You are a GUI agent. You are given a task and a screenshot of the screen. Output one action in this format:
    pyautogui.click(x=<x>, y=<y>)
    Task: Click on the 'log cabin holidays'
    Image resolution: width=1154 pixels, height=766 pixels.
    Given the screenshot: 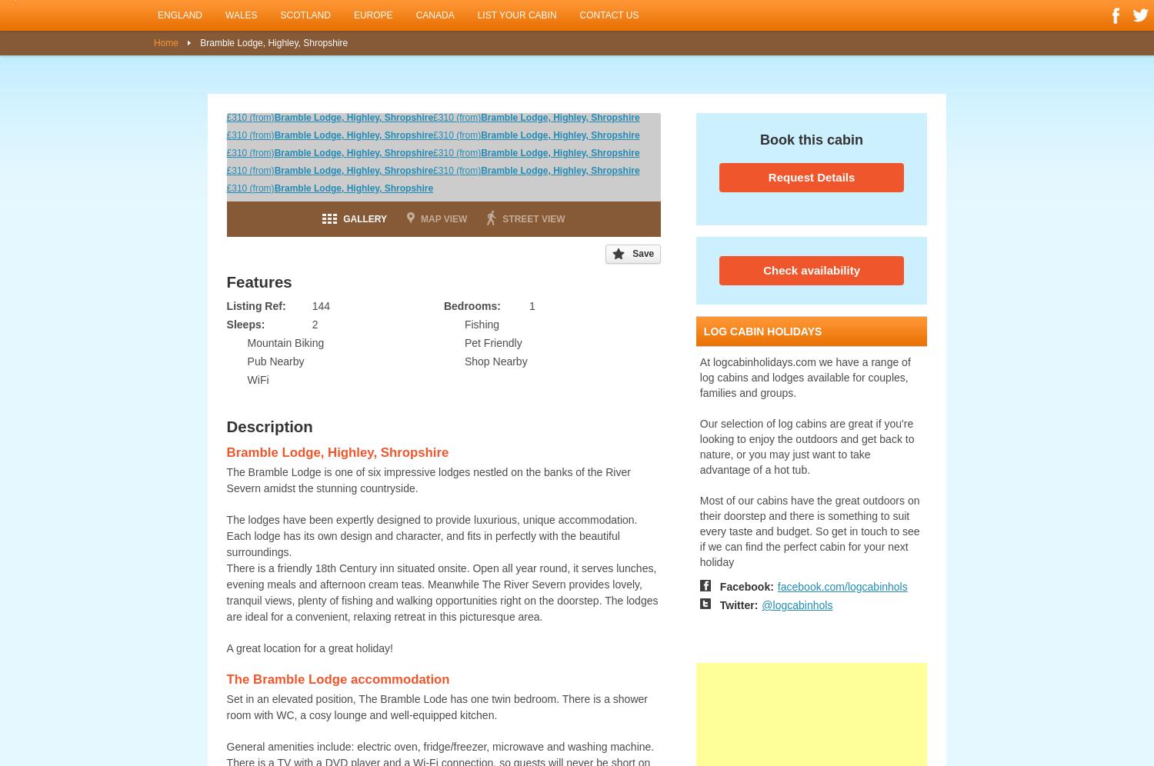 What is the action you would take?
    pyautogui.click(x=762, y=331)
    